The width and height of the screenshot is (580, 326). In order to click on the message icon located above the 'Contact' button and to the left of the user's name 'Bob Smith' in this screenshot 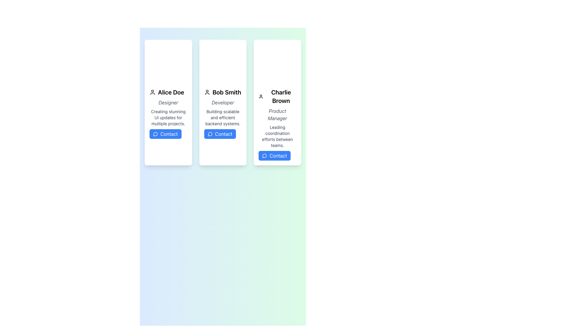, I will do `click(210, 133)`.